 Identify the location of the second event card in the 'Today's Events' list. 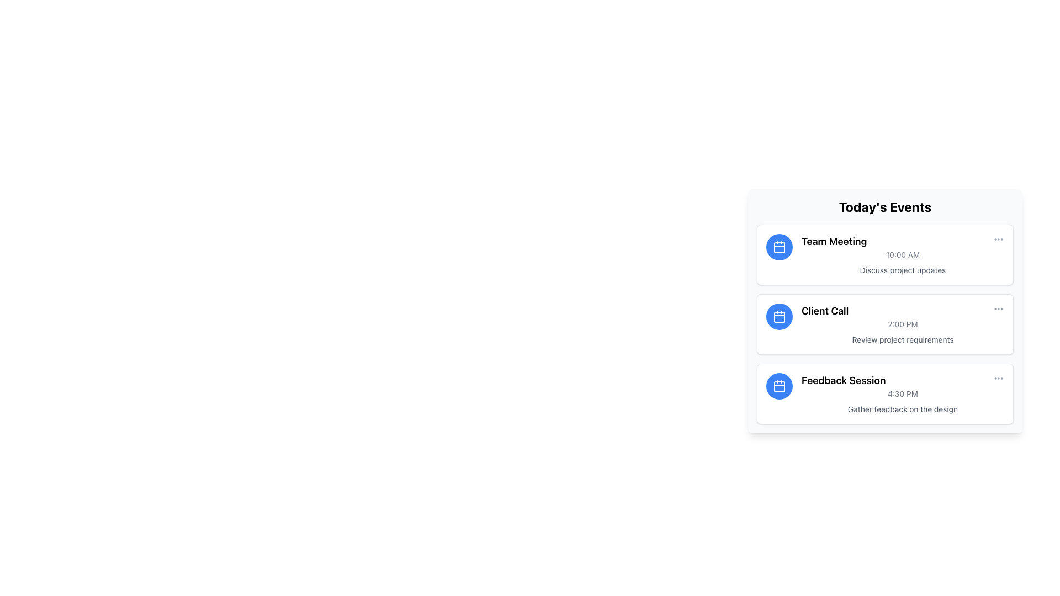
(885, 323).